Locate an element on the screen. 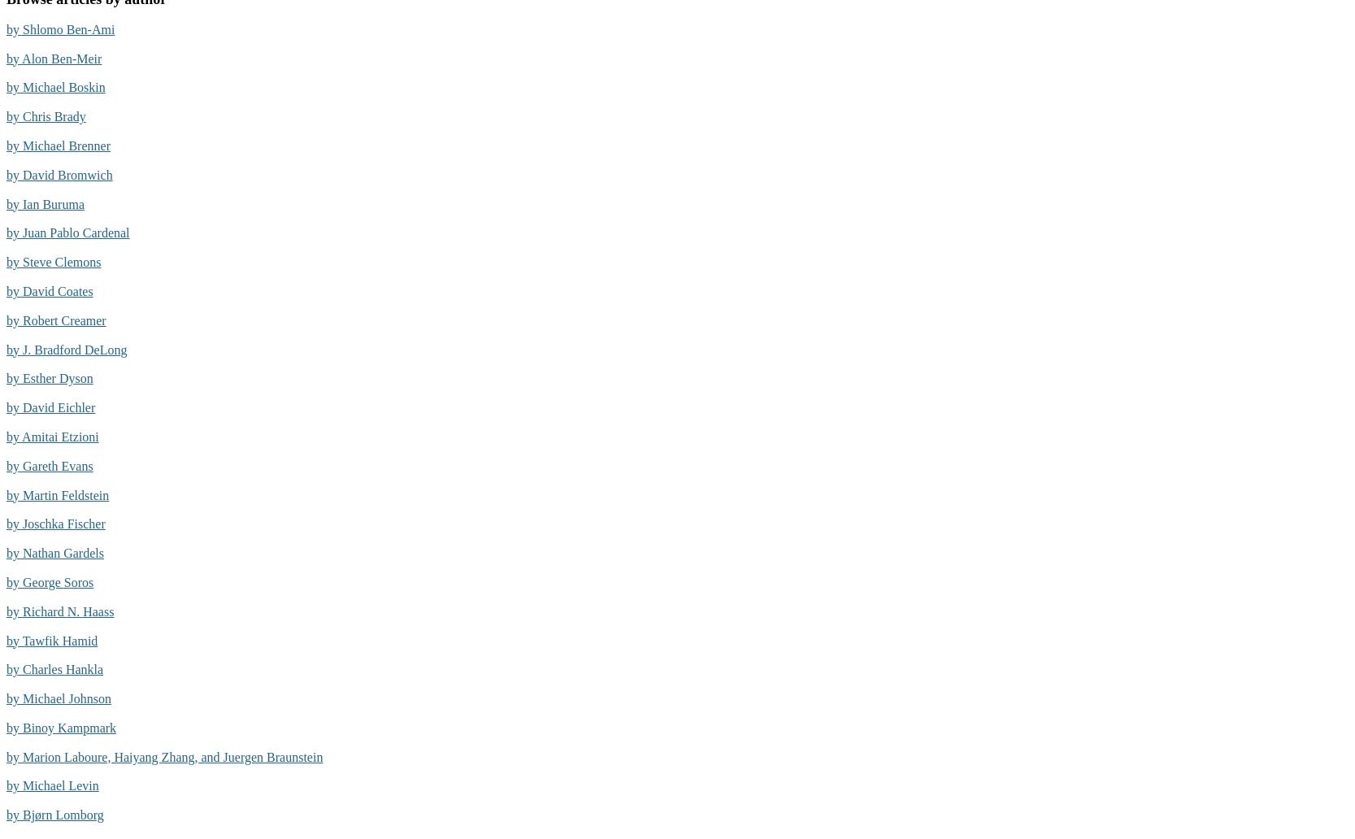 The width and height of the screenshot is (1355, 839). 'by Robert Creamer' is located at coordinates (7, 319).